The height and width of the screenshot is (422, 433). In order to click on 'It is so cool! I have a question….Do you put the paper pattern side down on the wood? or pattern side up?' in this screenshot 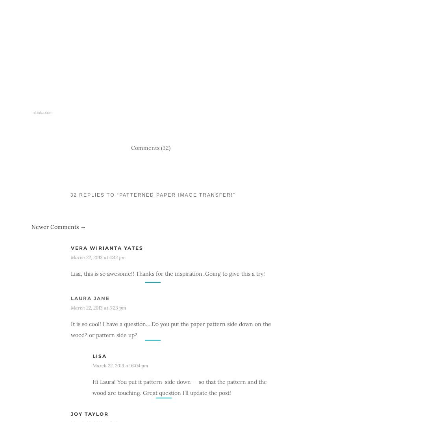, I will do `click(170, 329)`.